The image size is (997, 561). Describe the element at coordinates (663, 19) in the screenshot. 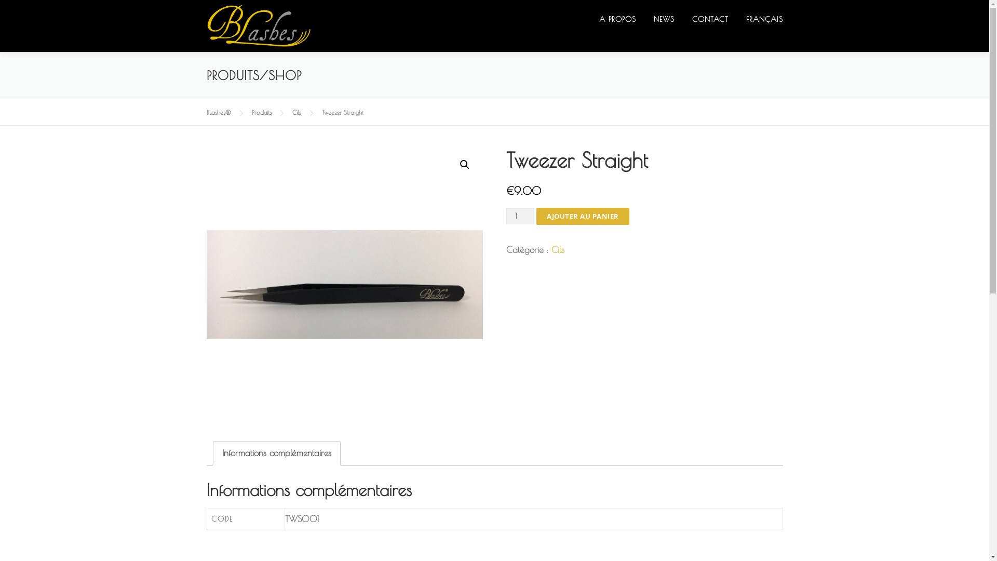

I see `'NEWS'` at that location.